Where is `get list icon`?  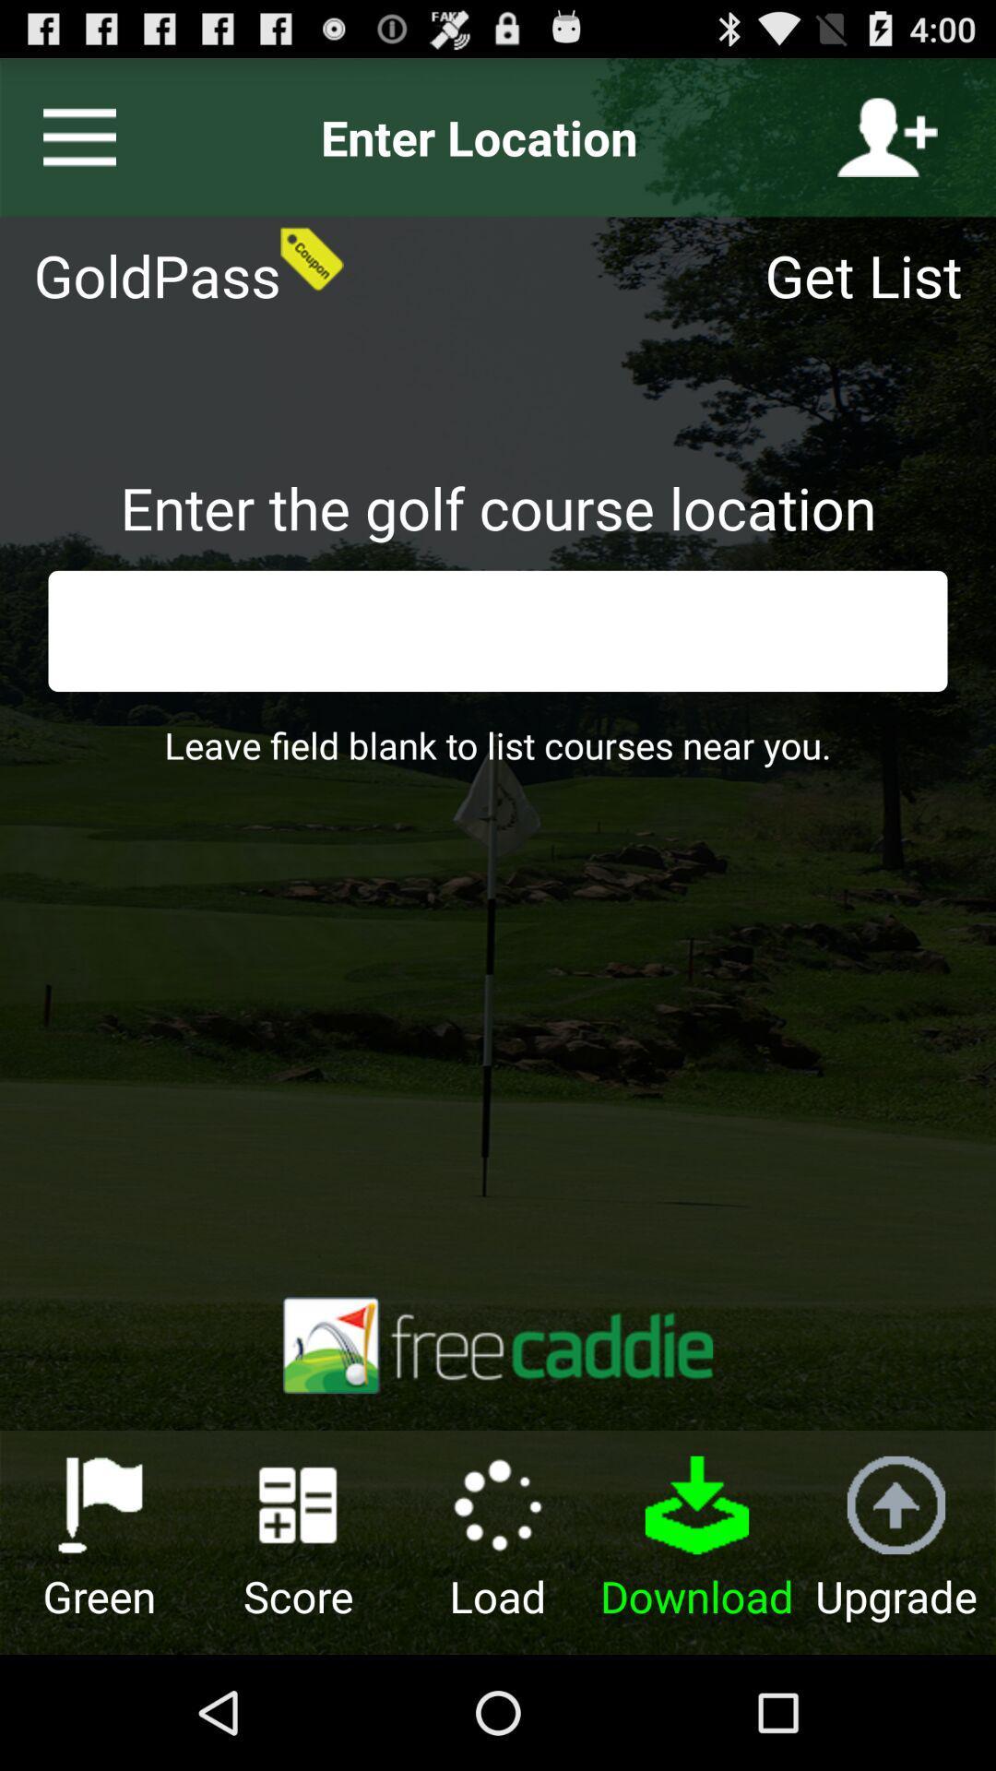 get list icon is located at coordinates (874, 274).